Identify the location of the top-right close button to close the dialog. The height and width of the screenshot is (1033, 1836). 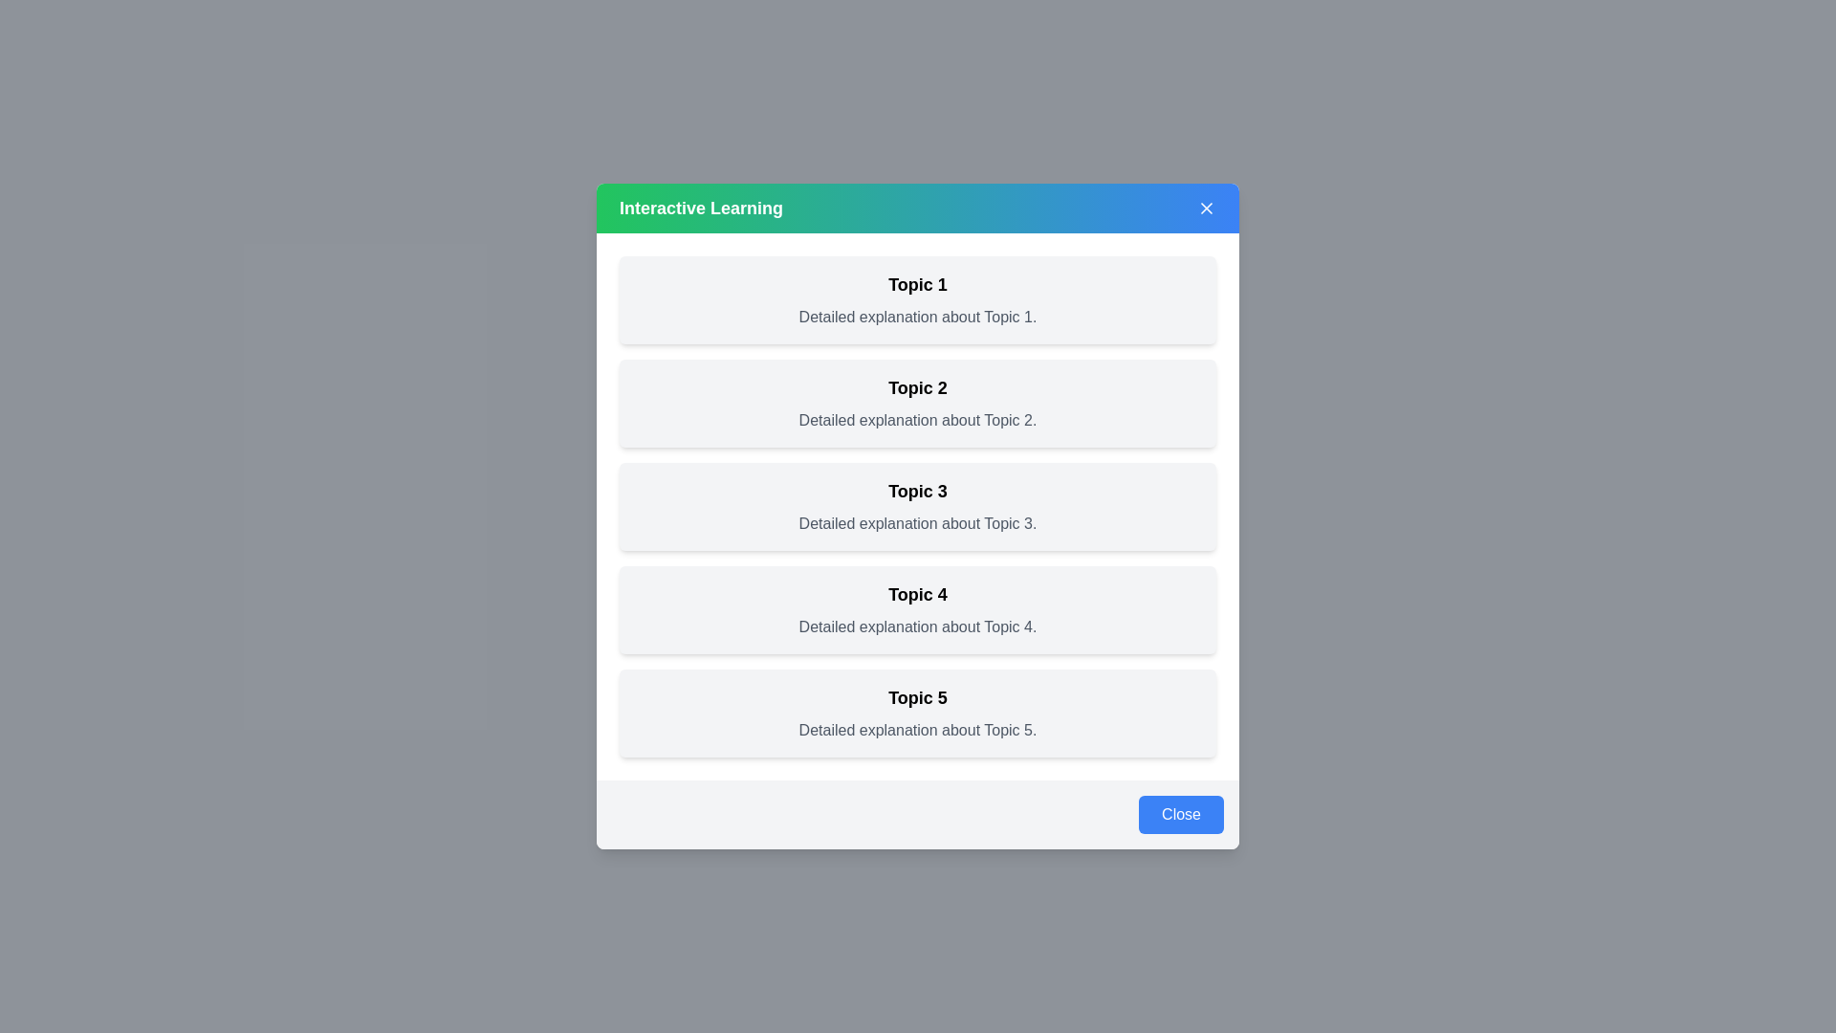
(1206, 209).